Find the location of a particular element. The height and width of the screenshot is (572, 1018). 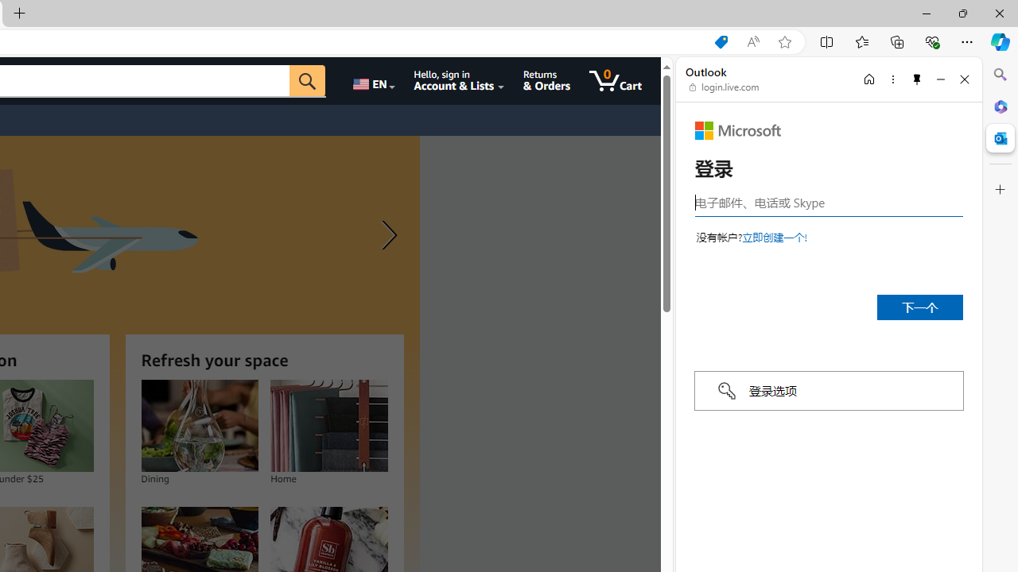

'Hello, sign in Account & Lists' is located at coordinates (458, 80).